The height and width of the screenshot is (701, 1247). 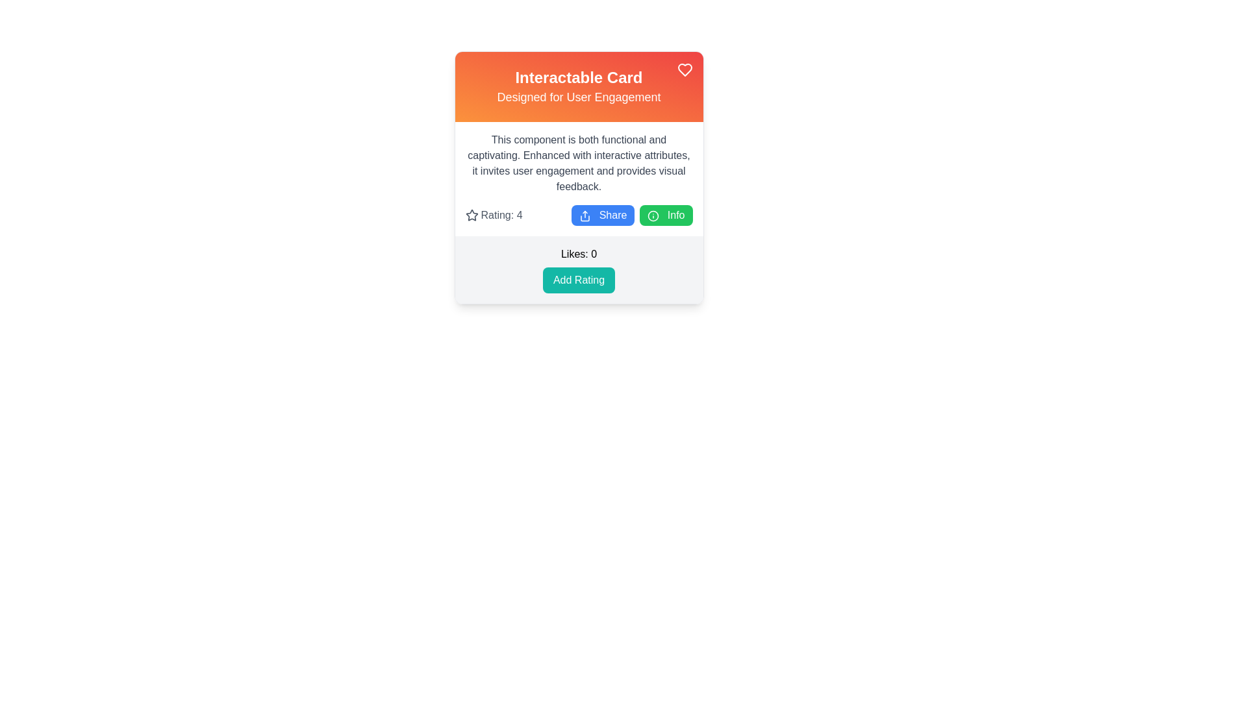 What do you see at coordinates (578, 280) in the screenshot?
I see `the 'Add Rating' button, which has a green-teal background and is located below the 'Likes: 0' label` at bounding box center [578, 280].